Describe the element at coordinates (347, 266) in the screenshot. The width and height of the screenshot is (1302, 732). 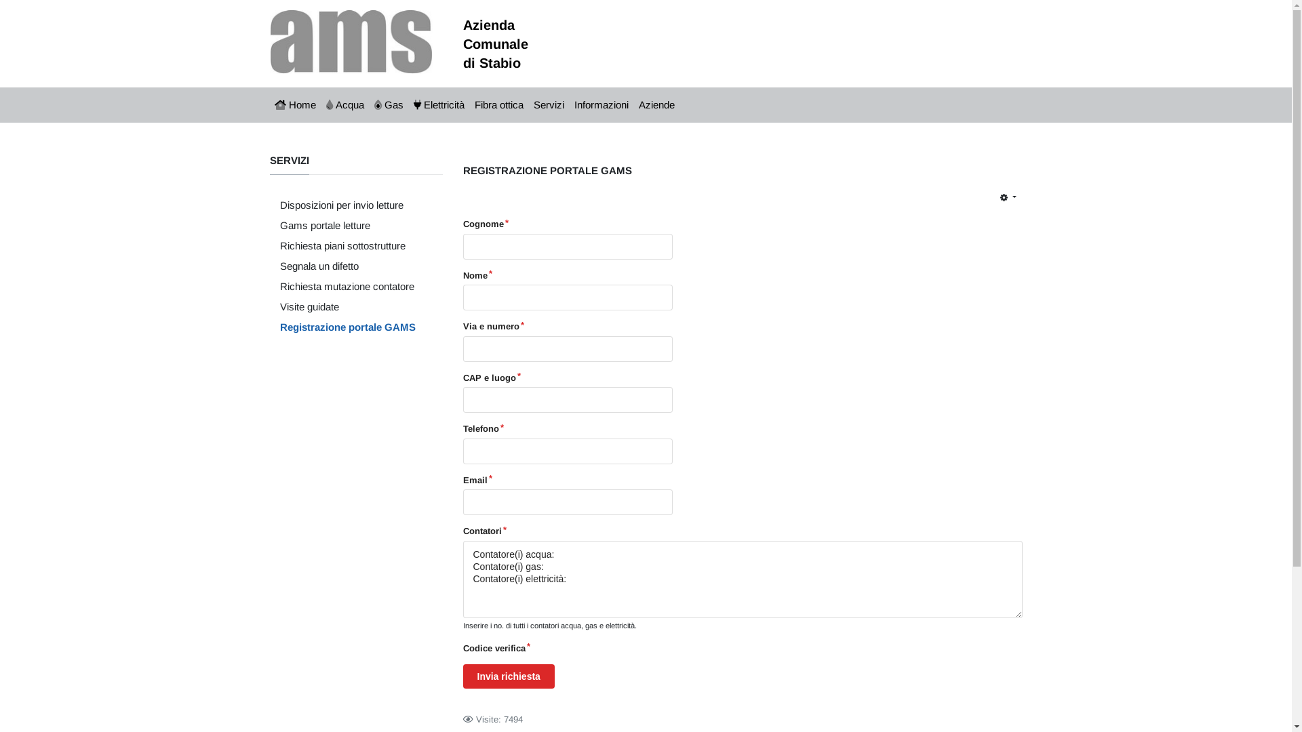
I see `'Segnala un difetto'` at that location.